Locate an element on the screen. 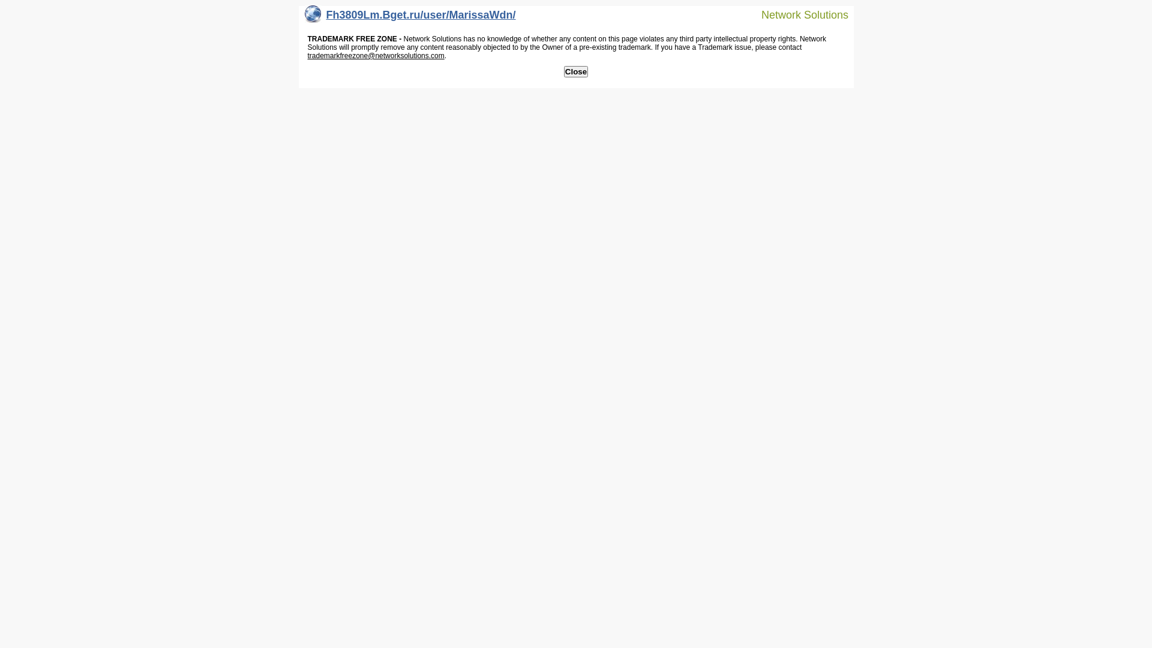  'trademarkfreezone@networksolutions.com' is located at coordinates (374, 55).